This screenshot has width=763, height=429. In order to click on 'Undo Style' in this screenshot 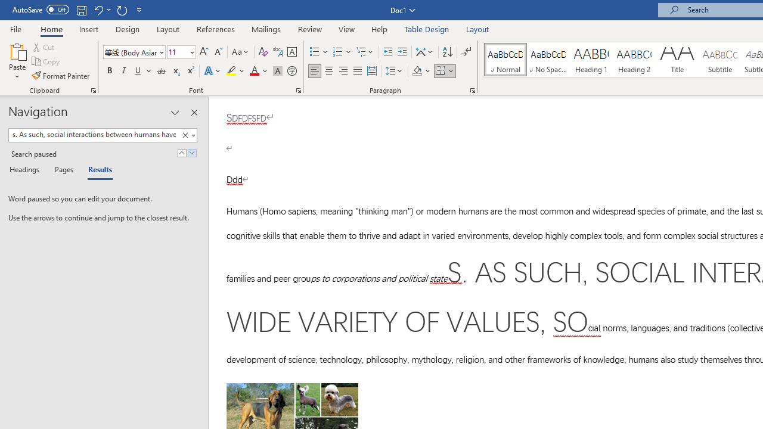, I will do `click(98, 10)`.